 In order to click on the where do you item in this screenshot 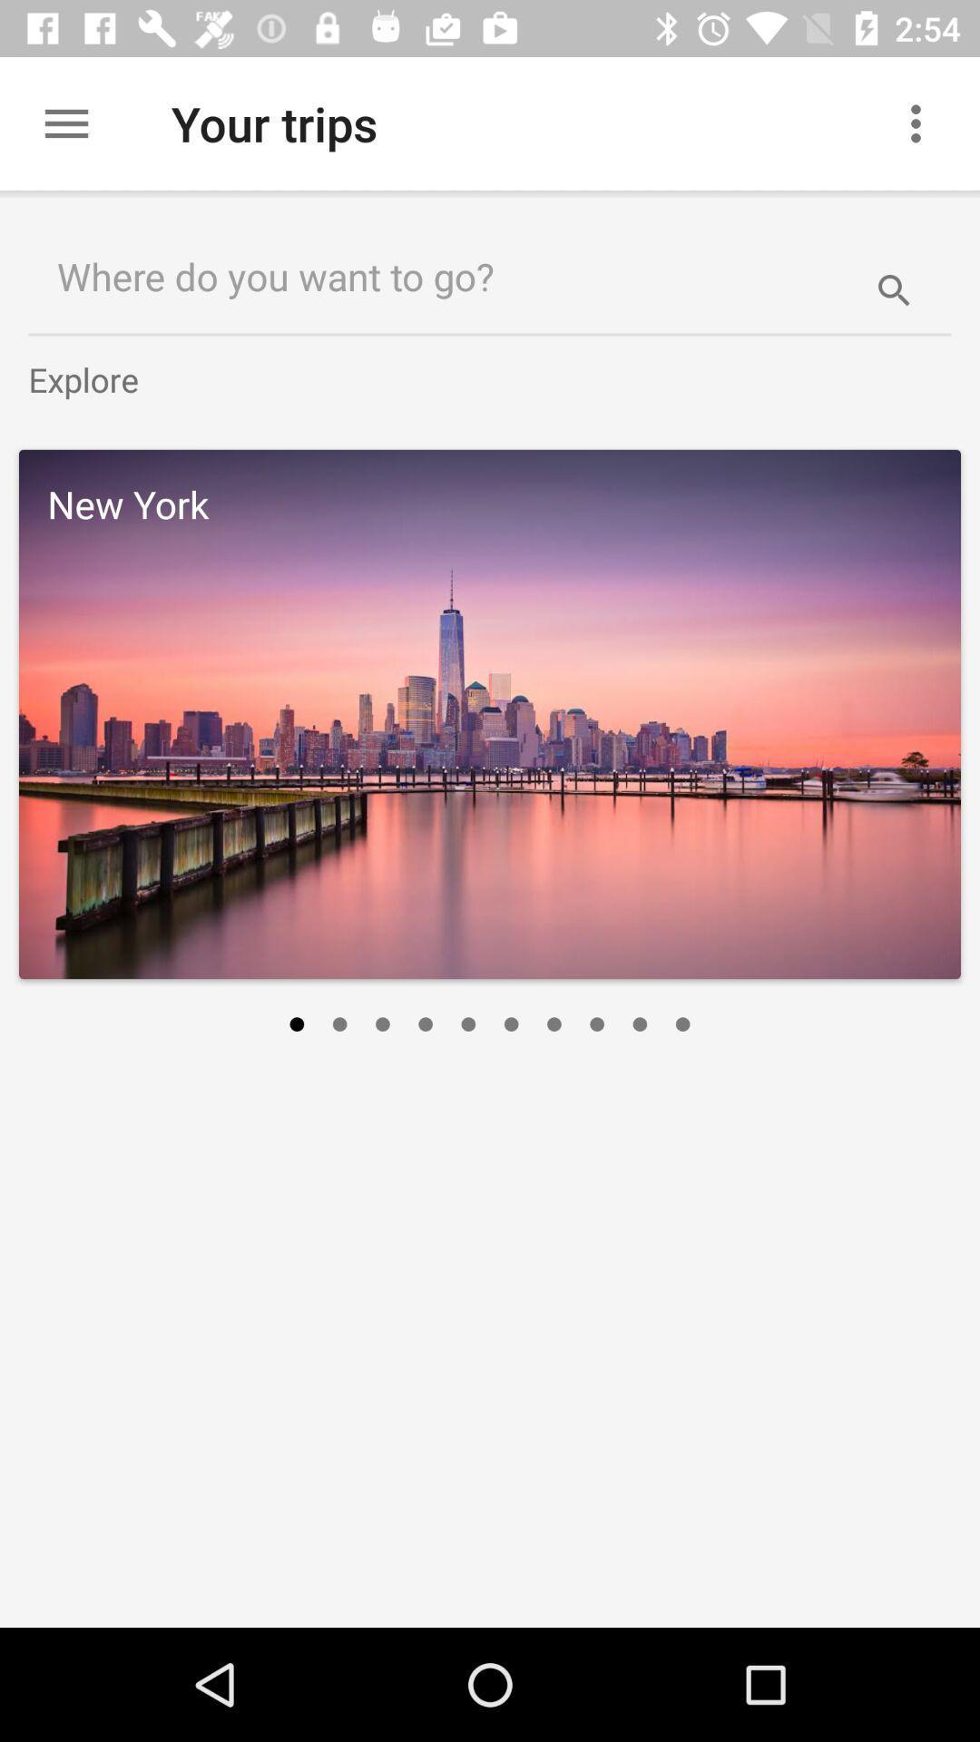, I will do `click(433, 275)`.